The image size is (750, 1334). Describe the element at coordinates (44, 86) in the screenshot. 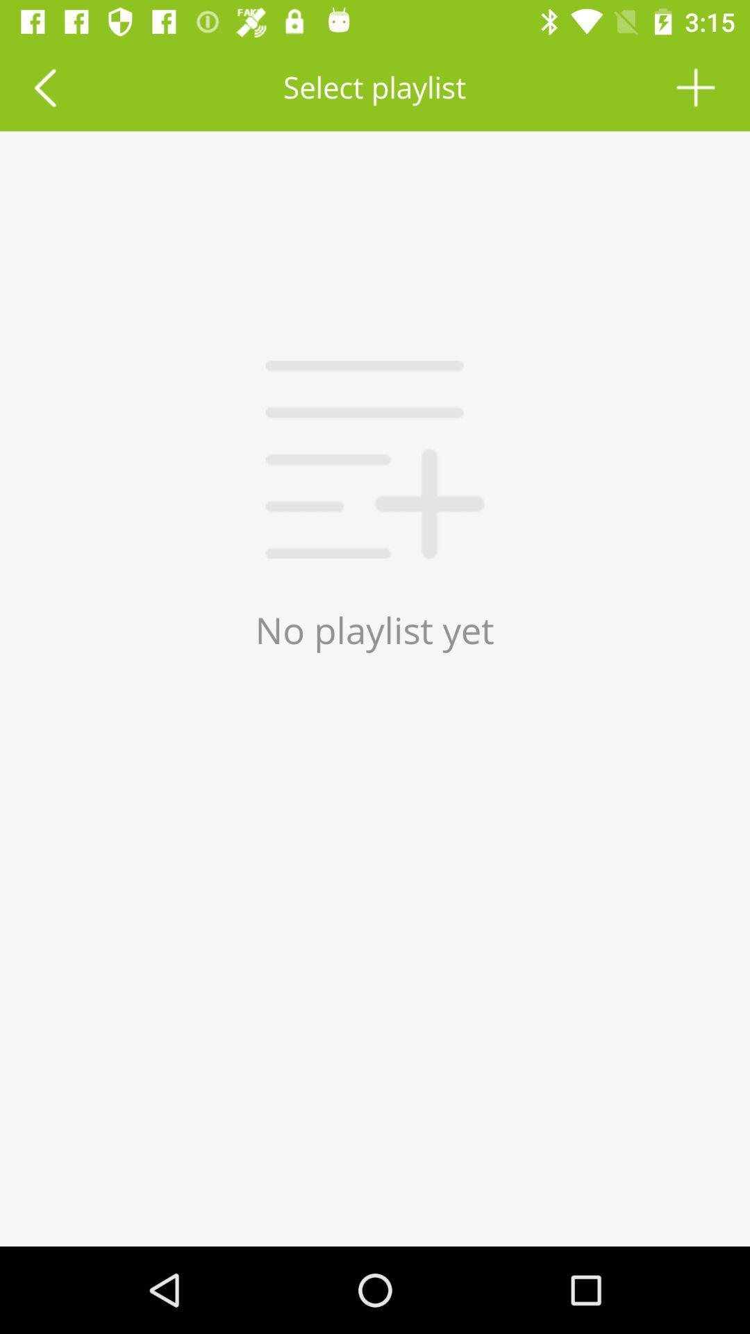

I see `the item at the top left corner` at that location.